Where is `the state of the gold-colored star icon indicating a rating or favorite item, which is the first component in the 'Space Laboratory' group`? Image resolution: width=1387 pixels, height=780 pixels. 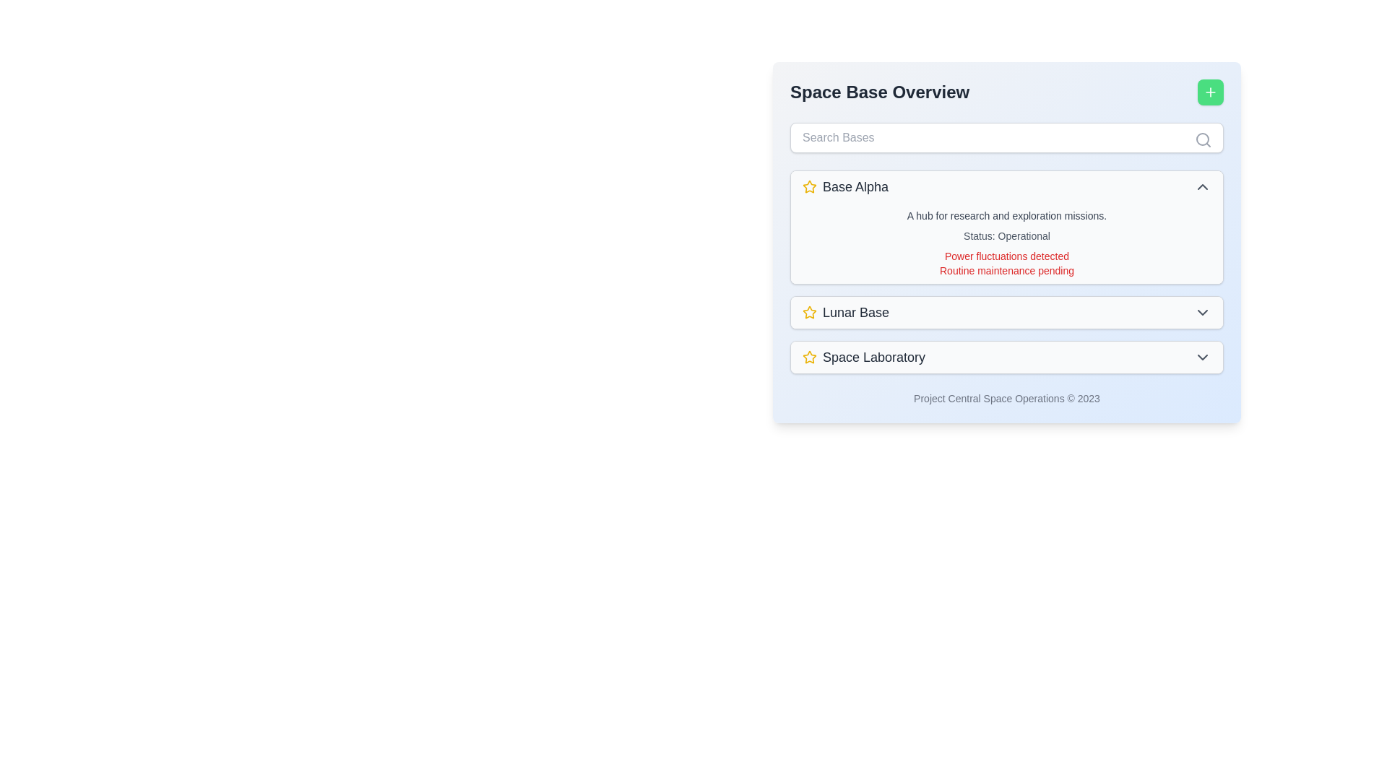
the state of the gold-colored star icon indicating a rating or favorite item, which is the first component in the 'Space Laboratory' group is located at coordinates (810, 357).